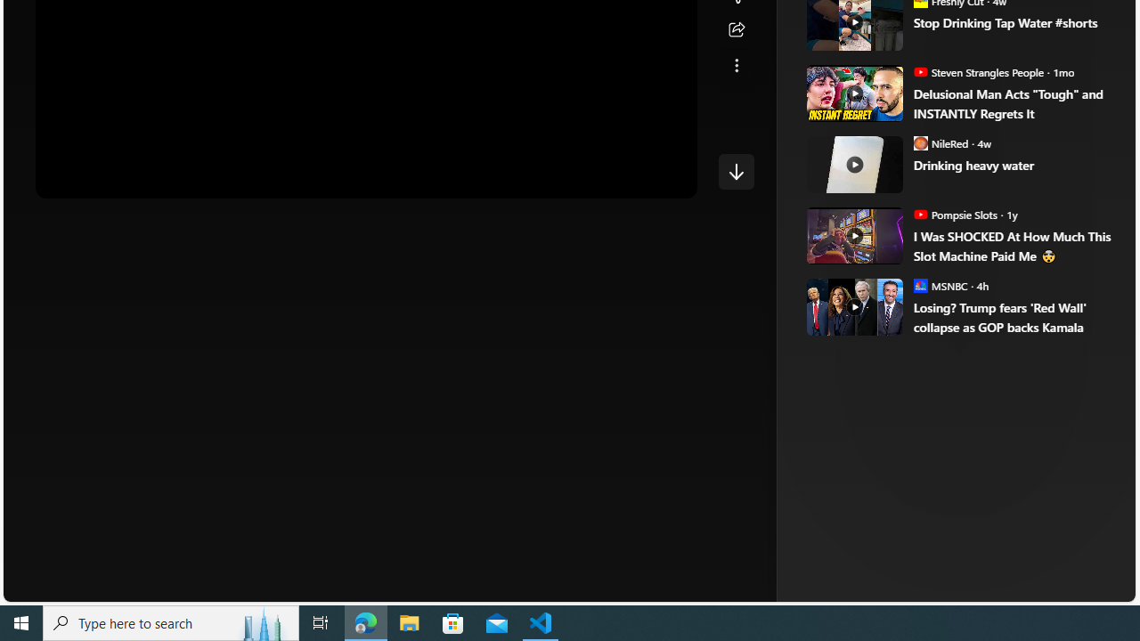  I want to click on 'Stop Drinking Tap Water #shorts', so click(1012, 22).